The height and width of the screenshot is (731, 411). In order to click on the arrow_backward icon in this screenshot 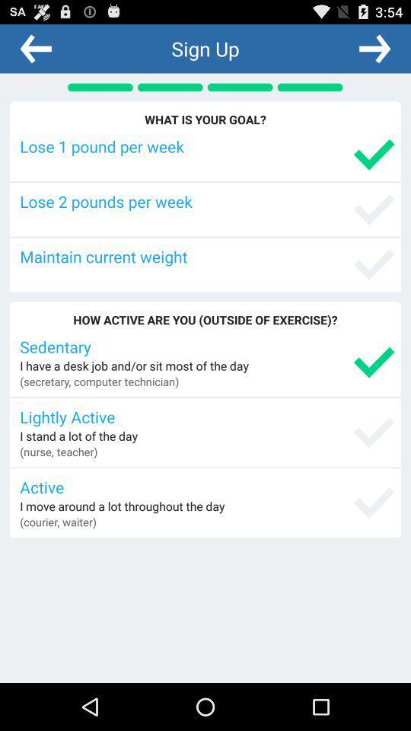, I will do `click(36, 52)`.